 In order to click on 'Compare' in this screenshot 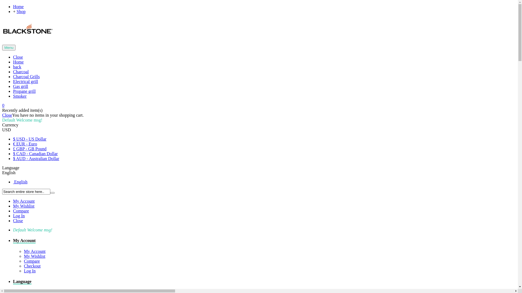, I will do `click(21, 211)`.